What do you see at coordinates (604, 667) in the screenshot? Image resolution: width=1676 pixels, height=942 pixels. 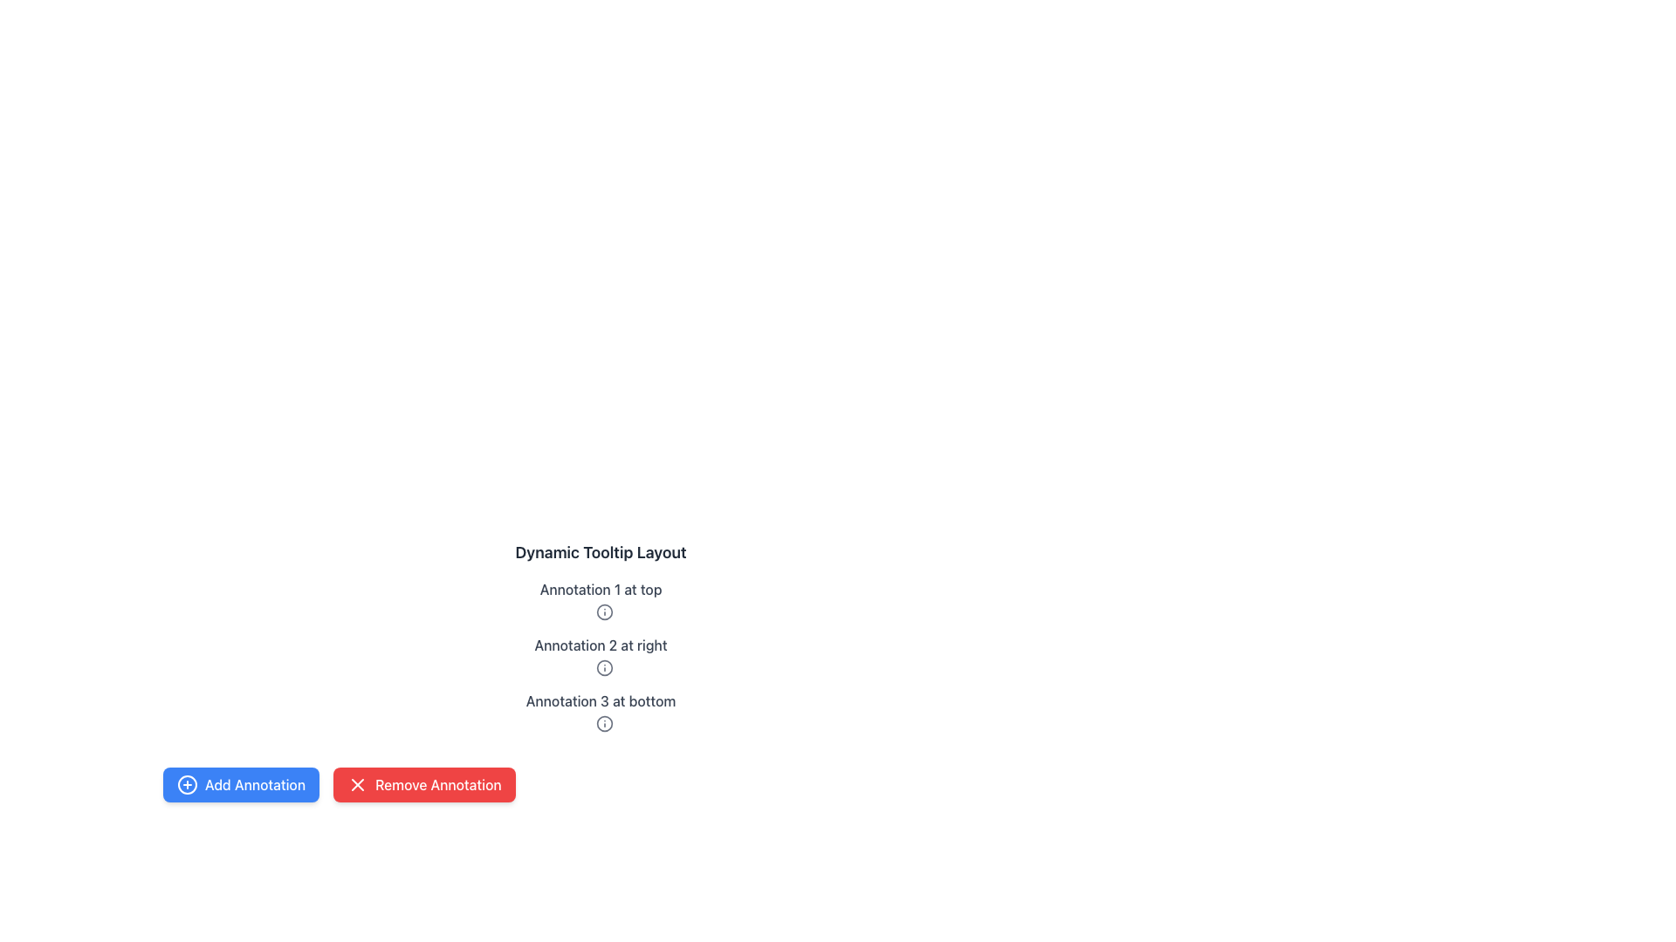 I see `the small circular information icon (SVG) located within the 'Annotation 2 at right' block` at bounding box center [604, 667].